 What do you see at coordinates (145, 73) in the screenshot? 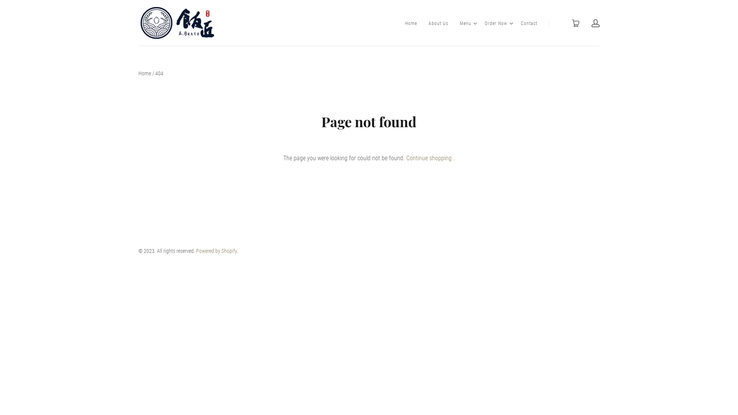
I see `'Home'` at bounding box center [145, 73].